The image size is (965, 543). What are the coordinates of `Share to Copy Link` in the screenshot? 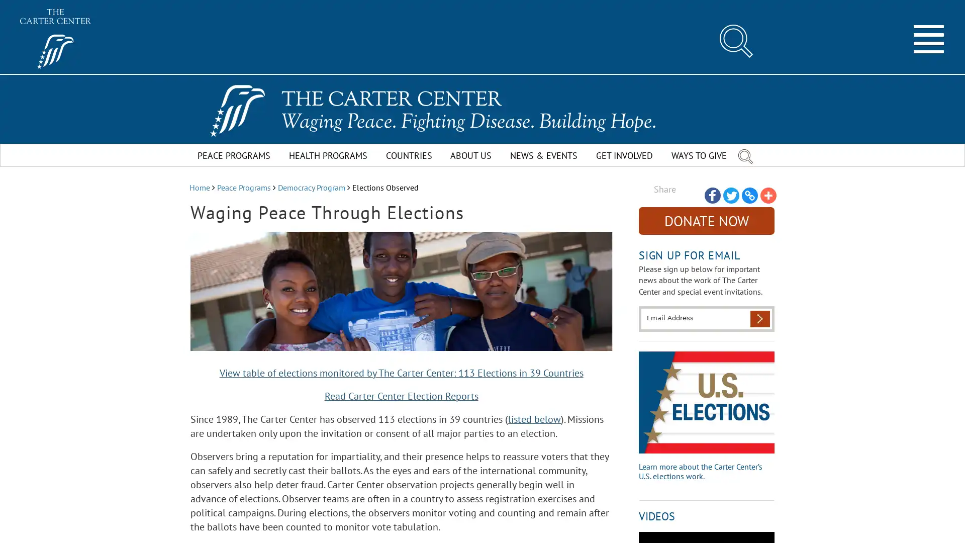 It's located at (750, 120).